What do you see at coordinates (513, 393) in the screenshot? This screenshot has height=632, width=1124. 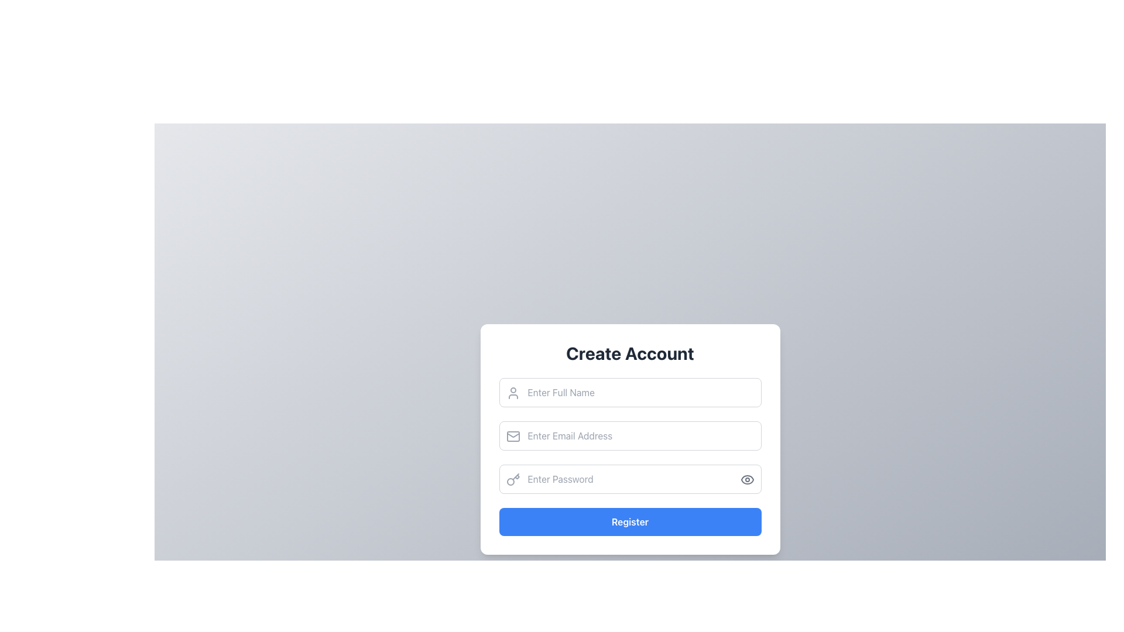 I see `the decorative icon associated with the name input field, located at the left side of the field` at bounding box center [513, 393].